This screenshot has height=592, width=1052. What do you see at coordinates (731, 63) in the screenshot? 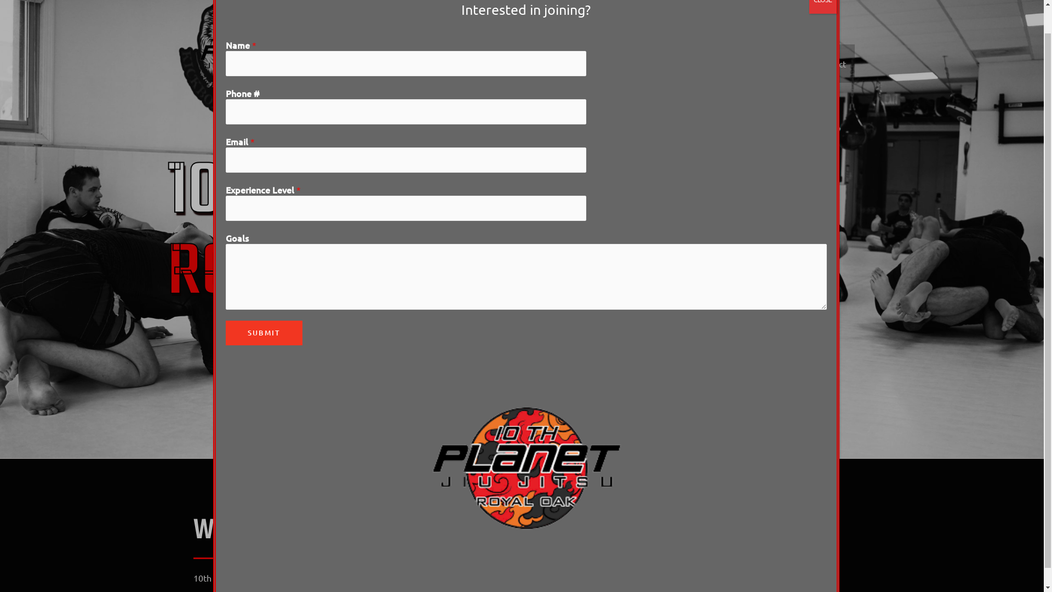
I see `'Gallery'` at bounding box center [731, 63].